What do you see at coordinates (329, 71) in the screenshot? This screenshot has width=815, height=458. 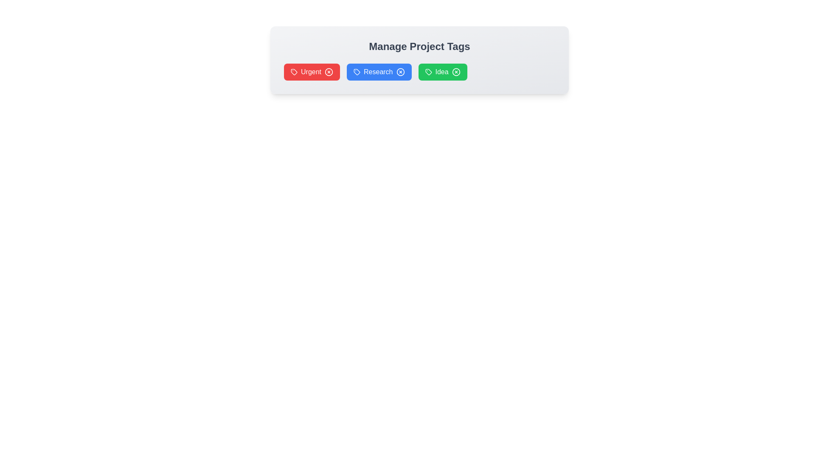 I see `the remove button of the tag labeled Urgent` at bounding box center [329, 71].